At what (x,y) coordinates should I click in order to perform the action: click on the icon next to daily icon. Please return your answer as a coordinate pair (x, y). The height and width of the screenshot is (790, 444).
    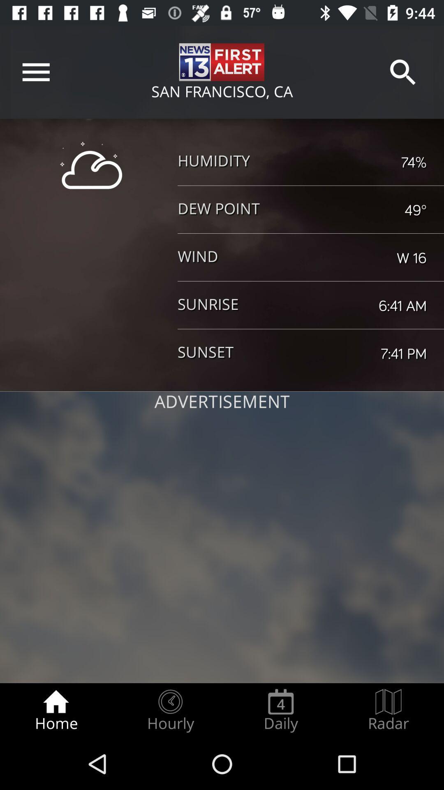
    Looking at the image, I should click on (388, 710).